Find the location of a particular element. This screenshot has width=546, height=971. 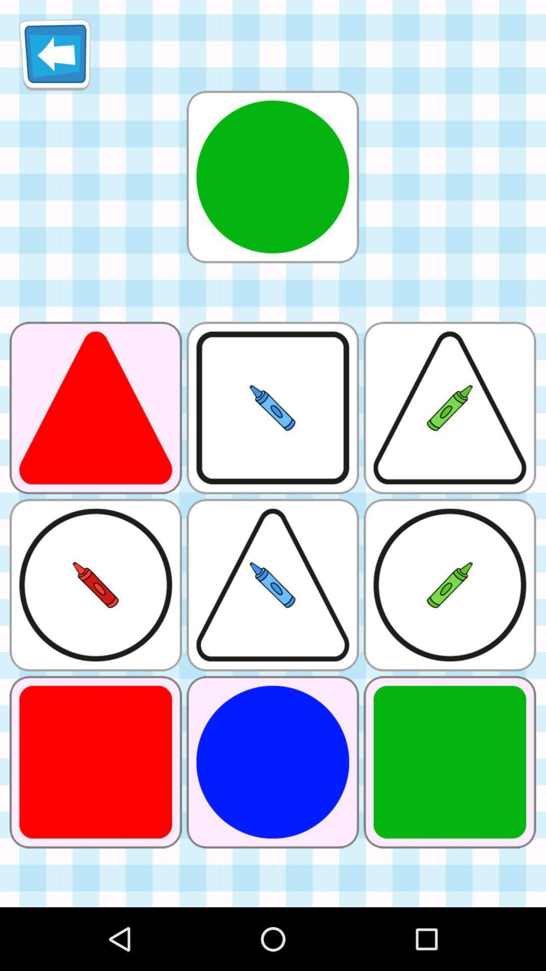

return to the previous page is located at coordinates (55, 54).